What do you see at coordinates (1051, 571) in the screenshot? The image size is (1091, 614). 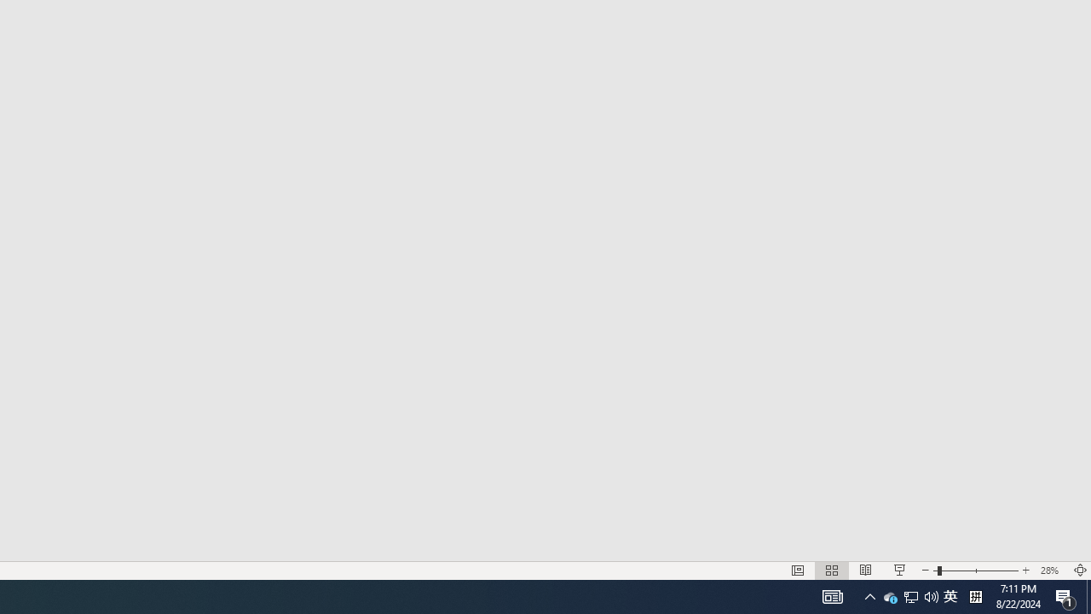 I see `'Zoom 28%'` at bounding box center [1051, 571].